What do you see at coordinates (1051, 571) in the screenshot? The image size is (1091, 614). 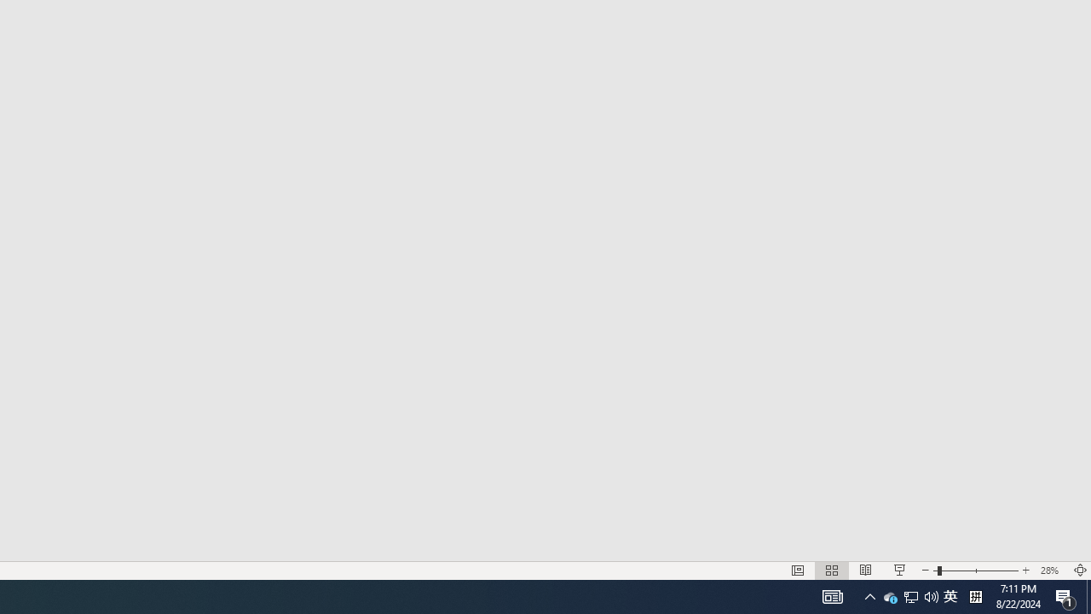 I see `'Zoom 28%'` at bounding box center [1051, 571].